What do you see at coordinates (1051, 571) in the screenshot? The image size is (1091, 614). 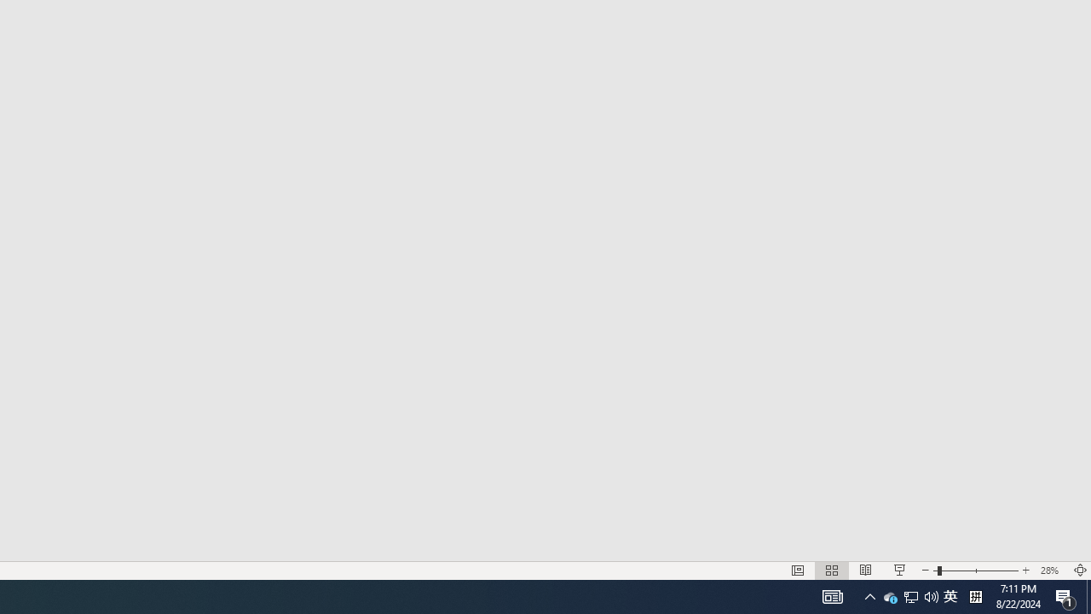 I see `'Zoom 28%'` at bounding box center [1051, 571].